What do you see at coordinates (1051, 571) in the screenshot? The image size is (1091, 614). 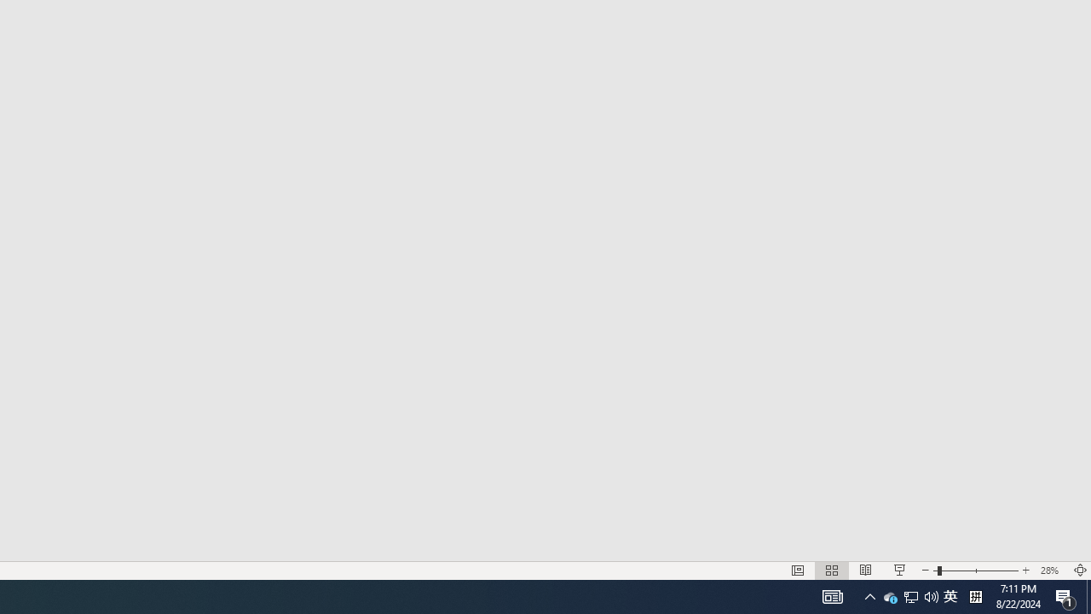 I see `'Zoom 28%'` at bounding box center [1051, 571].